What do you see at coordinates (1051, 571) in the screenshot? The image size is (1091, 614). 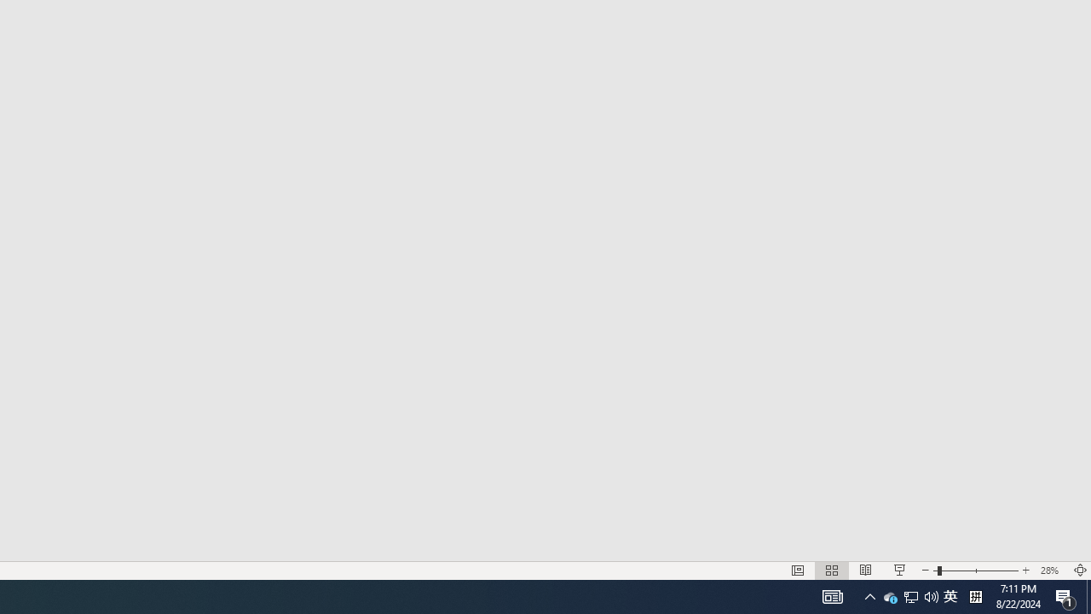 I see `'Zoom 28%'` at bounding box center [1051, 571].